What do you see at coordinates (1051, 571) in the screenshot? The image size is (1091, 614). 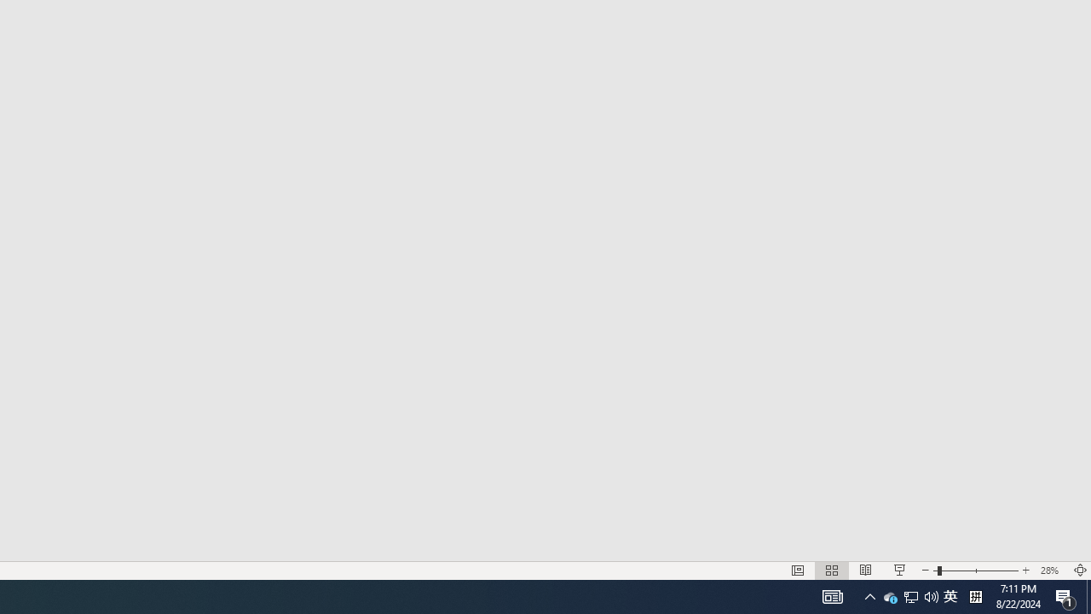 I see `'Zoom 28%'` at bounding box center [1051, 571].